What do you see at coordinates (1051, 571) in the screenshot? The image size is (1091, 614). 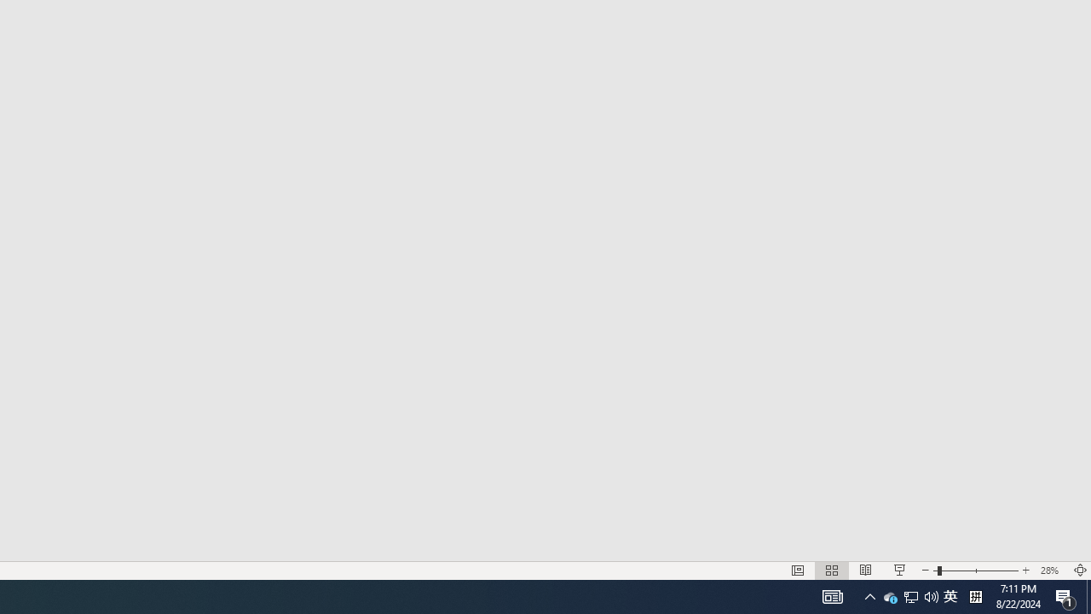 I see `'Zoom 28%'` at bounding box center [1051, 571].